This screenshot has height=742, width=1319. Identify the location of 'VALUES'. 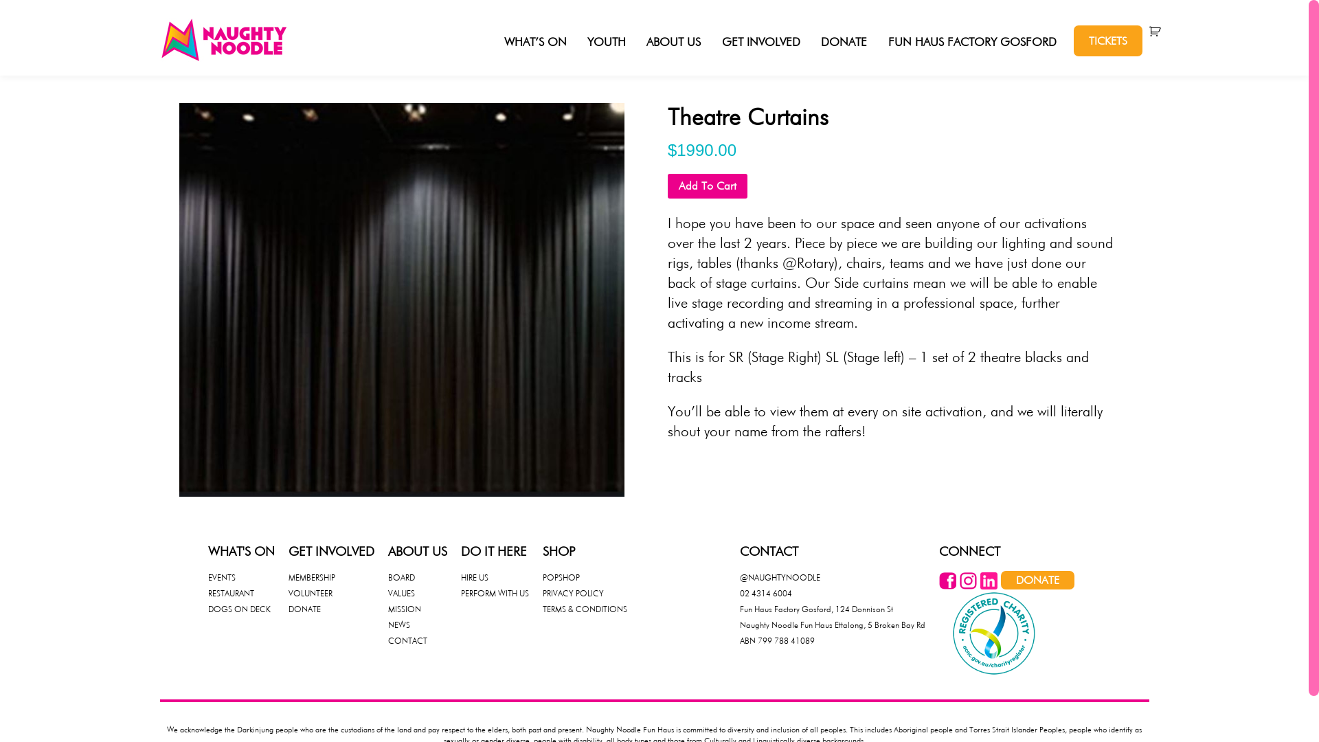
(400, 592).